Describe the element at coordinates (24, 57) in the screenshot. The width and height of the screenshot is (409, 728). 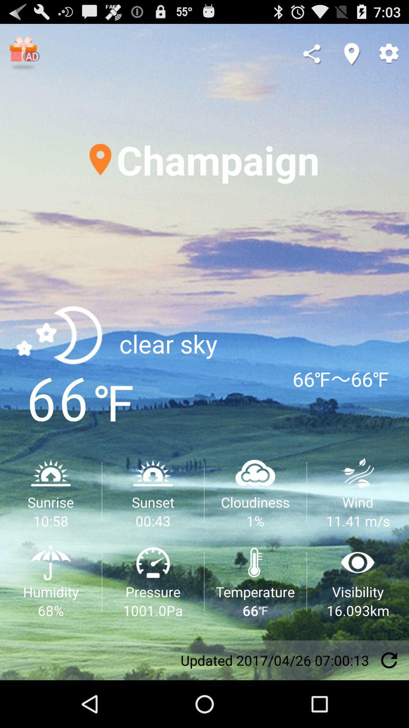
I see `the gift icon` at that location.